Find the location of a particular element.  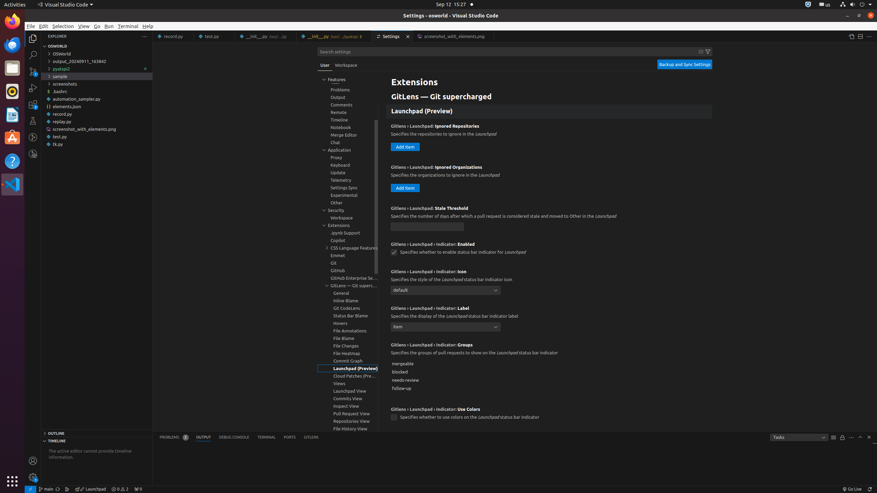

'GitHub Enterprise Server Authentication Provider, group' is located at coordinates (348, 278).